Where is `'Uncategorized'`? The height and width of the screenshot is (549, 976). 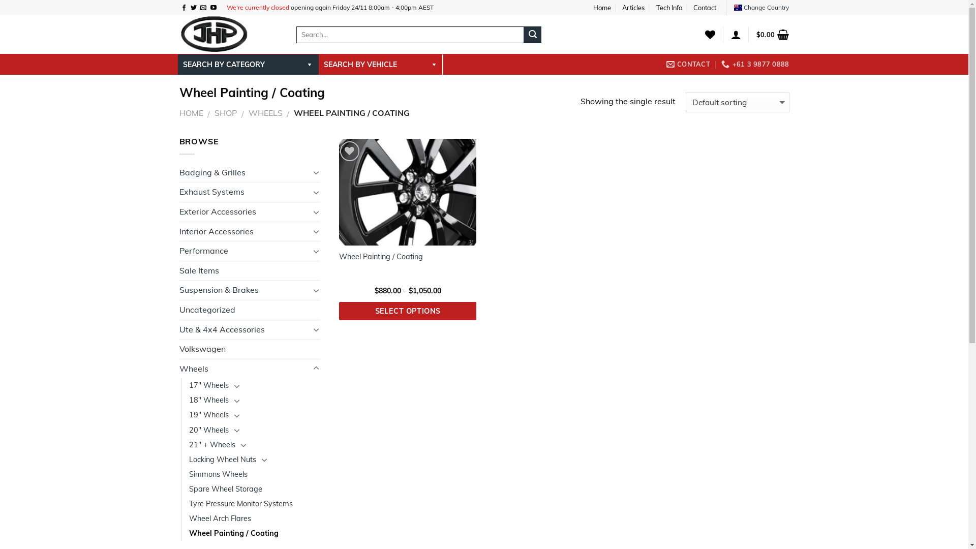
'Uncategorized' is located at coordinates (249, 309).